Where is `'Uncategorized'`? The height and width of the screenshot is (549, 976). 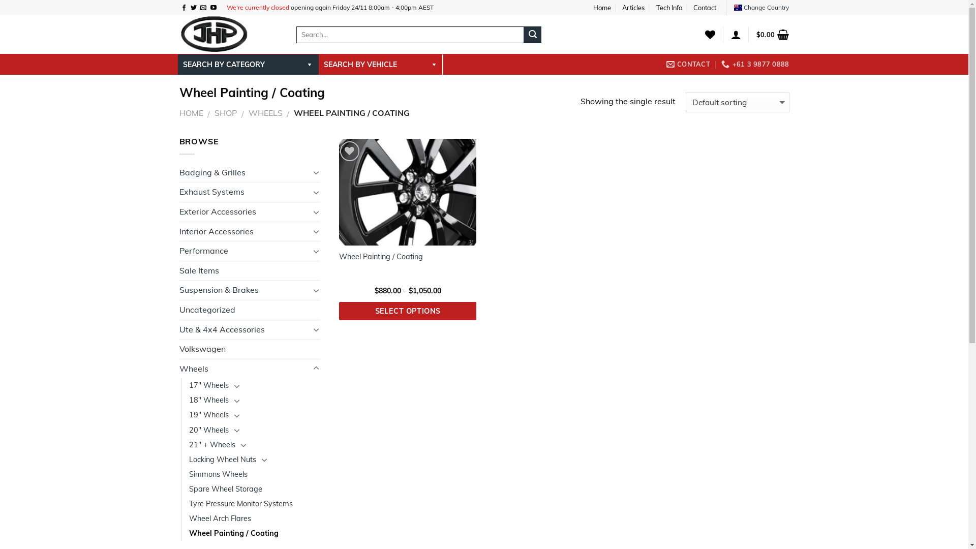
'Uncategorized' is located at coordinates (249, 309).